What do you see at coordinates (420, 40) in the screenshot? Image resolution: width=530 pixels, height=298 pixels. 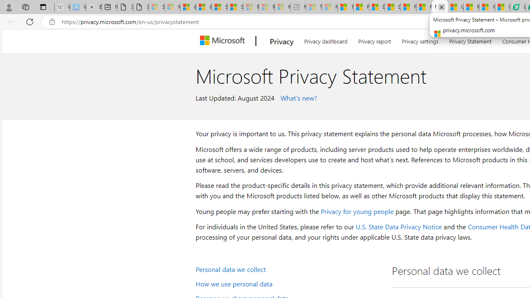 I see `'Privacy settings'` at bounding box center [420, 40].